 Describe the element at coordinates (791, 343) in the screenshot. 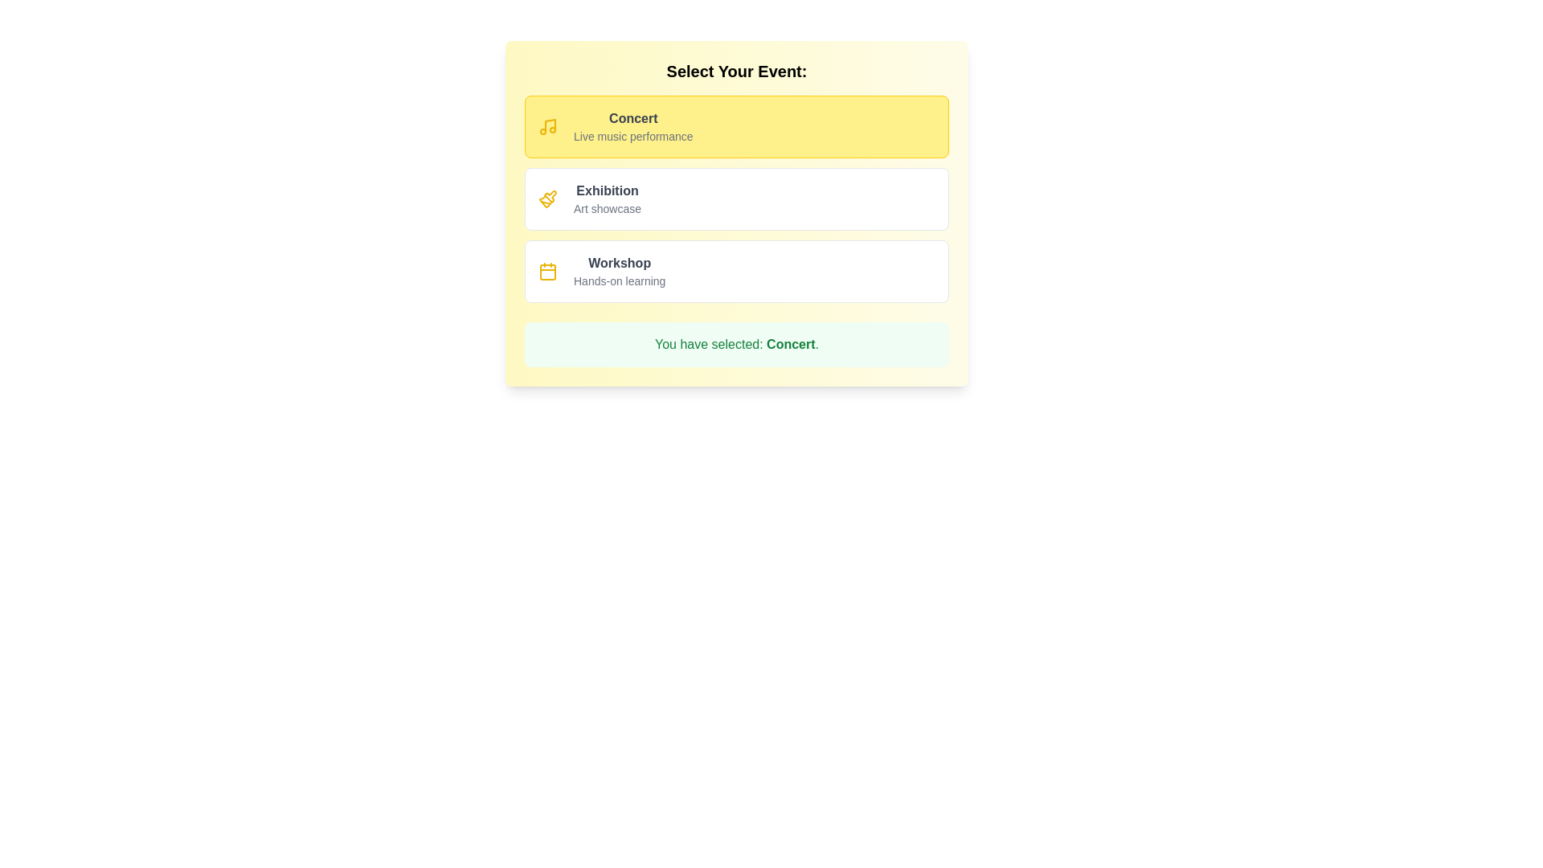

I see `the bold dark green text label 'Concert' which is part of the phrase 'You have selected: Concert.' framed by a light green background` at that location.